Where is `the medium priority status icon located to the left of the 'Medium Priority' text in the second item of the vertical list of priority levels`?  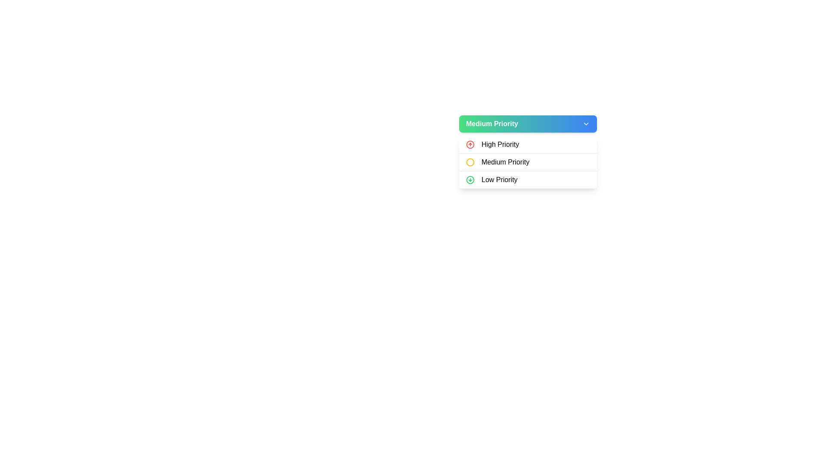
the medium priority status icon located to the left of the 'Medium Priority' text in the second item of the vertical list of priority levels is located at coordinates (469, 162).